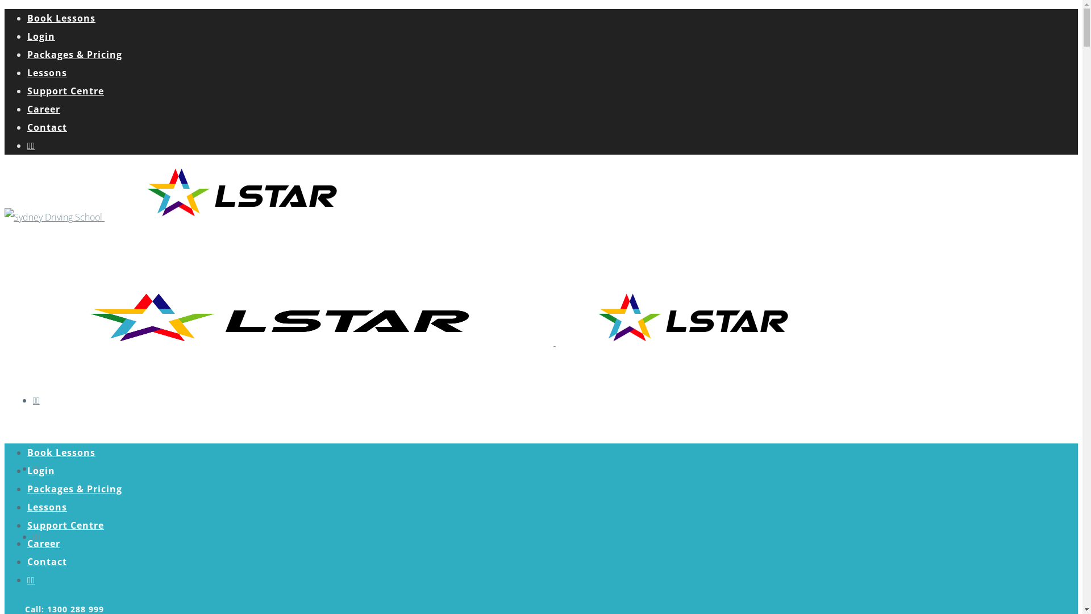 The width and height of the screenshot is (1091, 614). I want to click on 'Login', so click(41, 36).